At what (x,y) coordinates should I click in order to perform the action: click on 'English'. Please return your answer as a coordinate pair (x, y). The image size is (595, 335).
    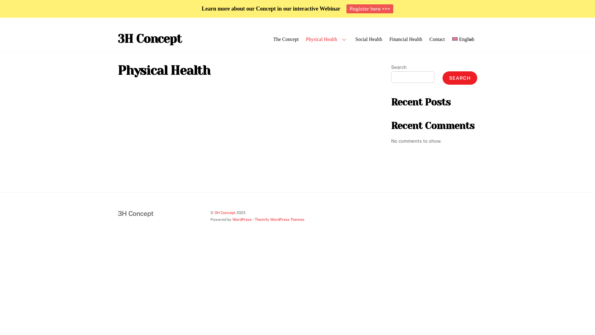
    Looking at the image, I should click on (463, 39).